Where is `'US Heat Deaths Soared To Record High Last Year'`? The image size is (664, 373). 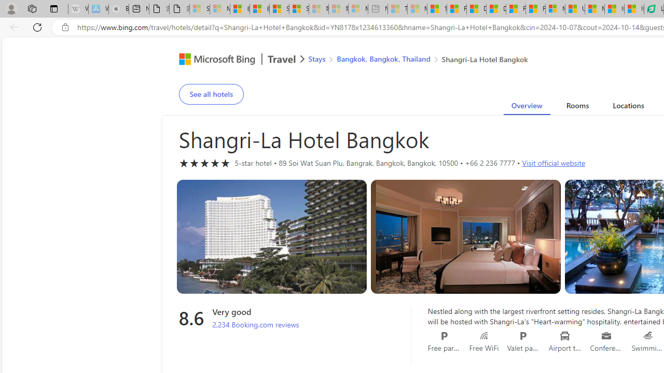
'US Heat Deaths Soared To Record High Last Year' is located at coordinates (575, 9).